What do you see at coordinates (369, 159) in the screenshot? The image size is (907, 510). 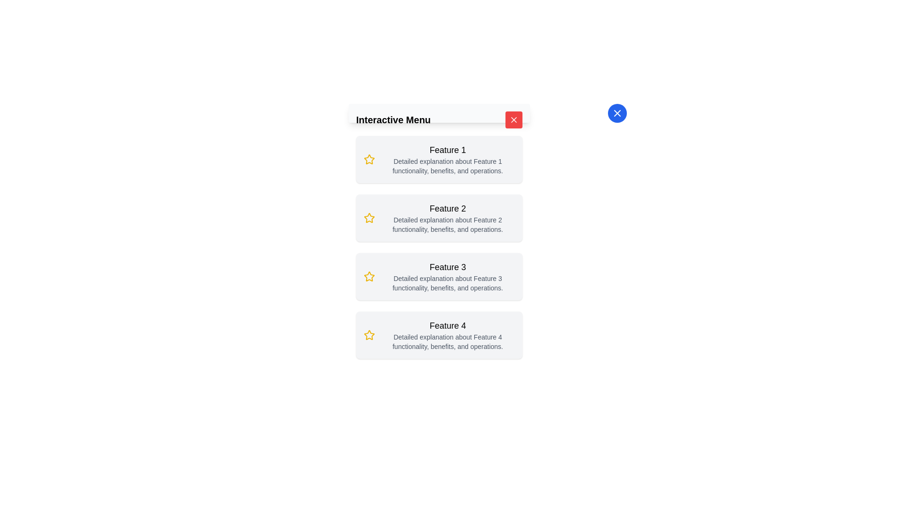 I see `the star-shaped yellow icon with a black outline located in the first feature card next to the title 'Feature 1'` at bounding box center [369, 159].